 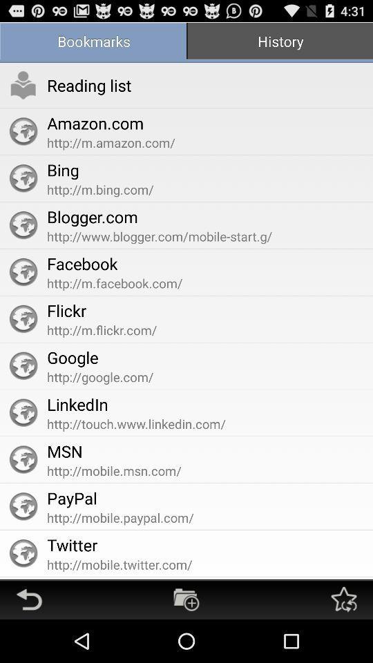 What do you see at coordinates (93, 42) in the screenshot?
I see `the bookmarks icon` at bounding box center [93, 42].